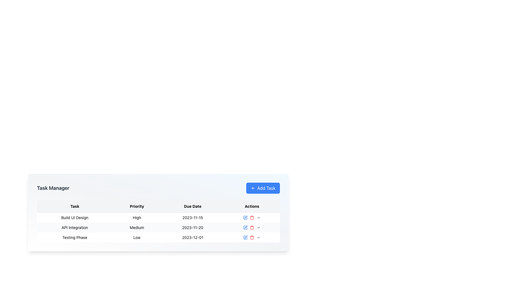 This screenshot has height=298, width=530. What do you see at coordinates (193, 217) in the screenshot?
I see `the 'Due Date' text field for the task 'Build UI Design' in the Task Manager interface` at bounding box center [193, 217].